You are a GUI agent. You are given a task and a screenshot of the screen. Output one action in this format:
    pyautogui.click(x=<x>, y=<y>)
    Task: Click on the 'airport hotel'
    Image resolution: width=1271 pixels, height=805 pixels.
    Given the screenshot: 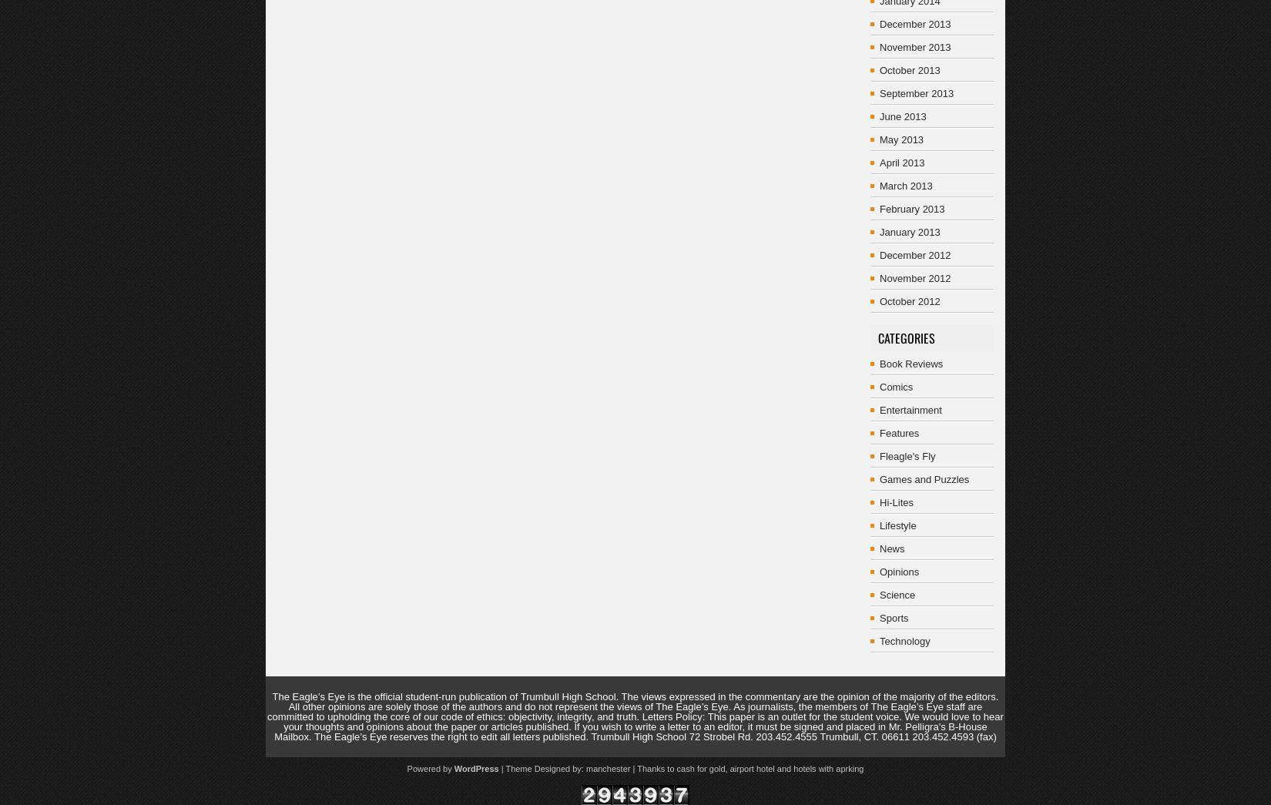 What is the action you would take?
    pyautogui.click(x=751, y=768)
    